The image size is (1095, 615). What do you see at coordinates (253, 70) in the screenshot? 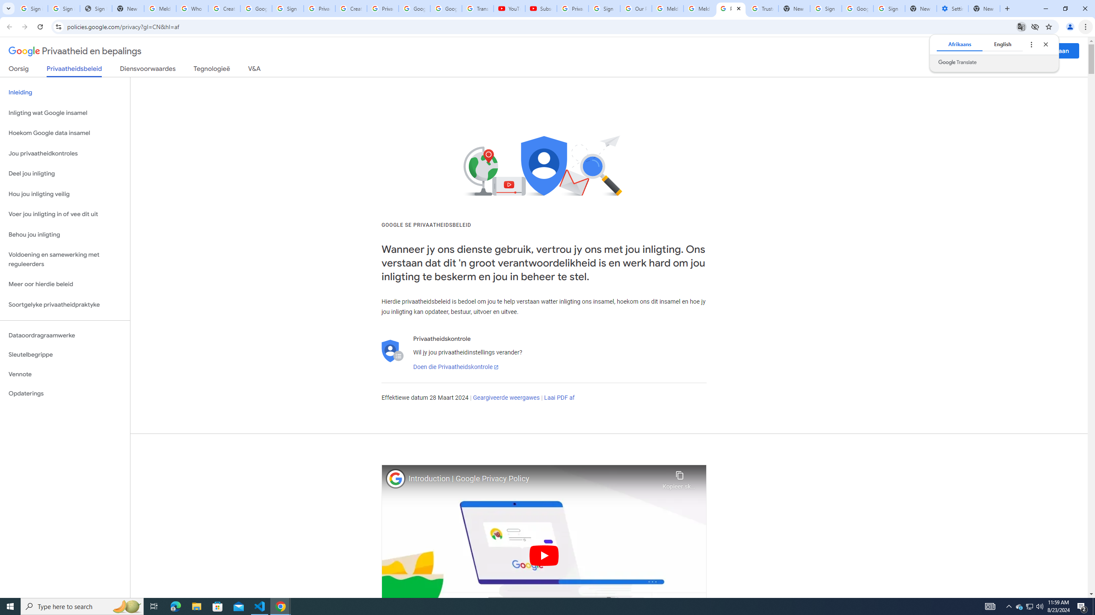
I see `'V&A'` at bounding box center [253, 70].